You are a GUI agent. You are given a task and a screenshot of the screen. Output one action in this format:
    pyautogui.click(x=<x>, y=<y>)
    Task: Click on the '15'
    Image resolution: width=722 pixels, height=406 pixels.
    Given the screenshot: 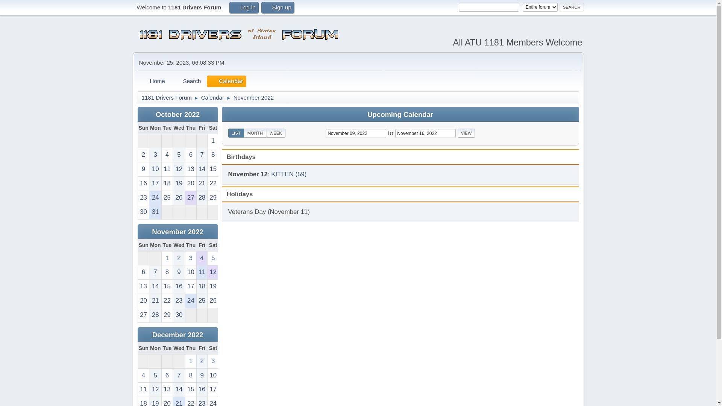 What is the action you would take?
    pyautogui.click(x=212, y=169)
    